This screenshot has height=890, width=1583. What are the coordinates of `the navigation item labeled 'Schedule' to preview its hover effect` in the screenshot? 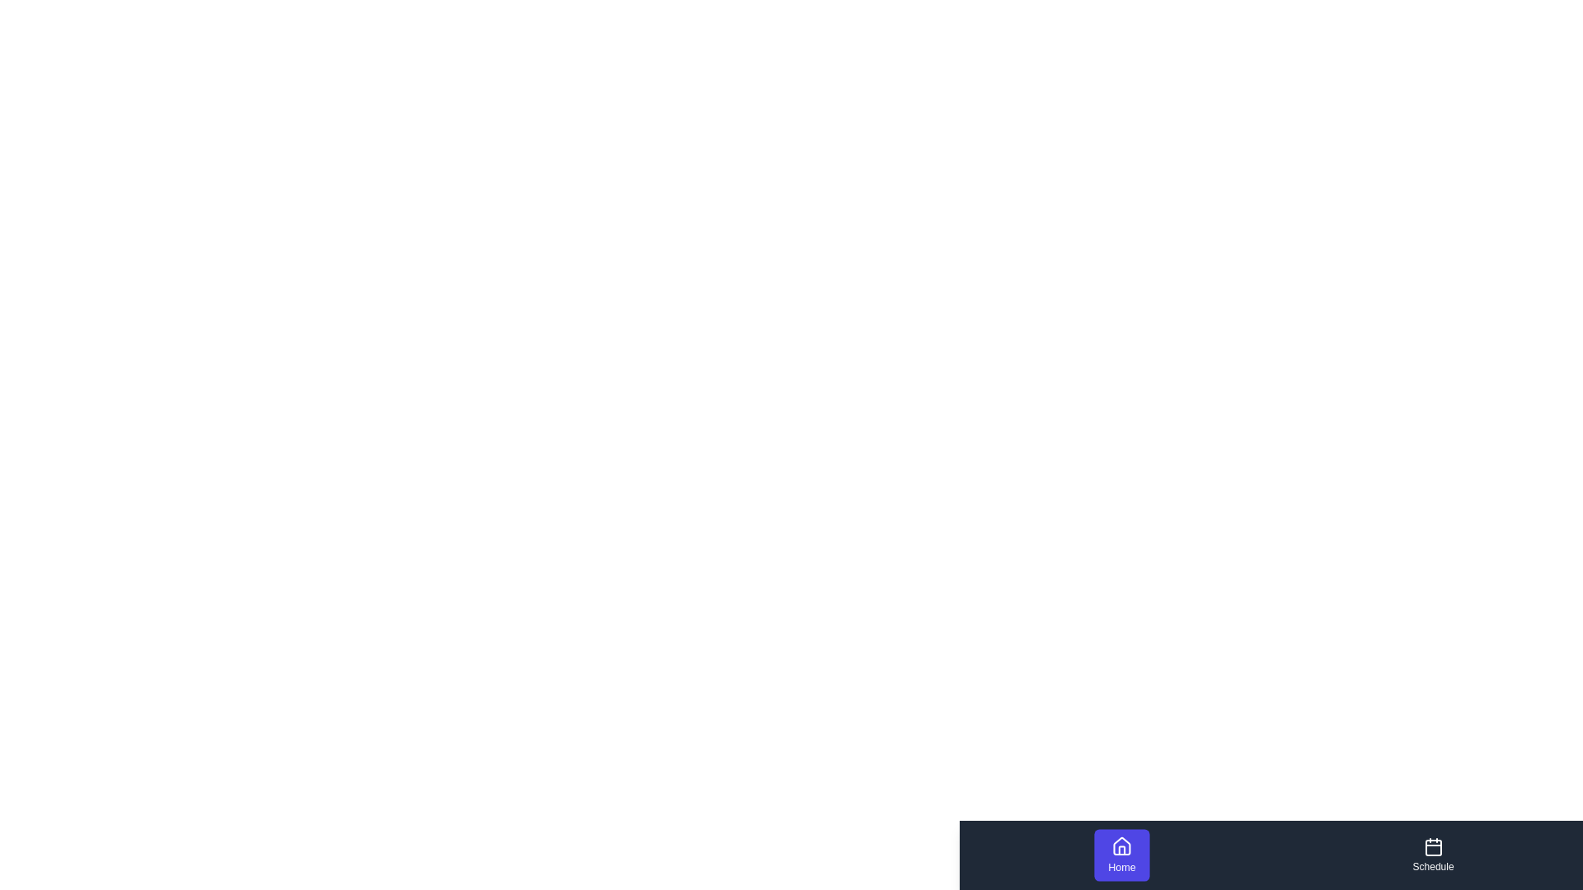 It's located at (1432, 854).